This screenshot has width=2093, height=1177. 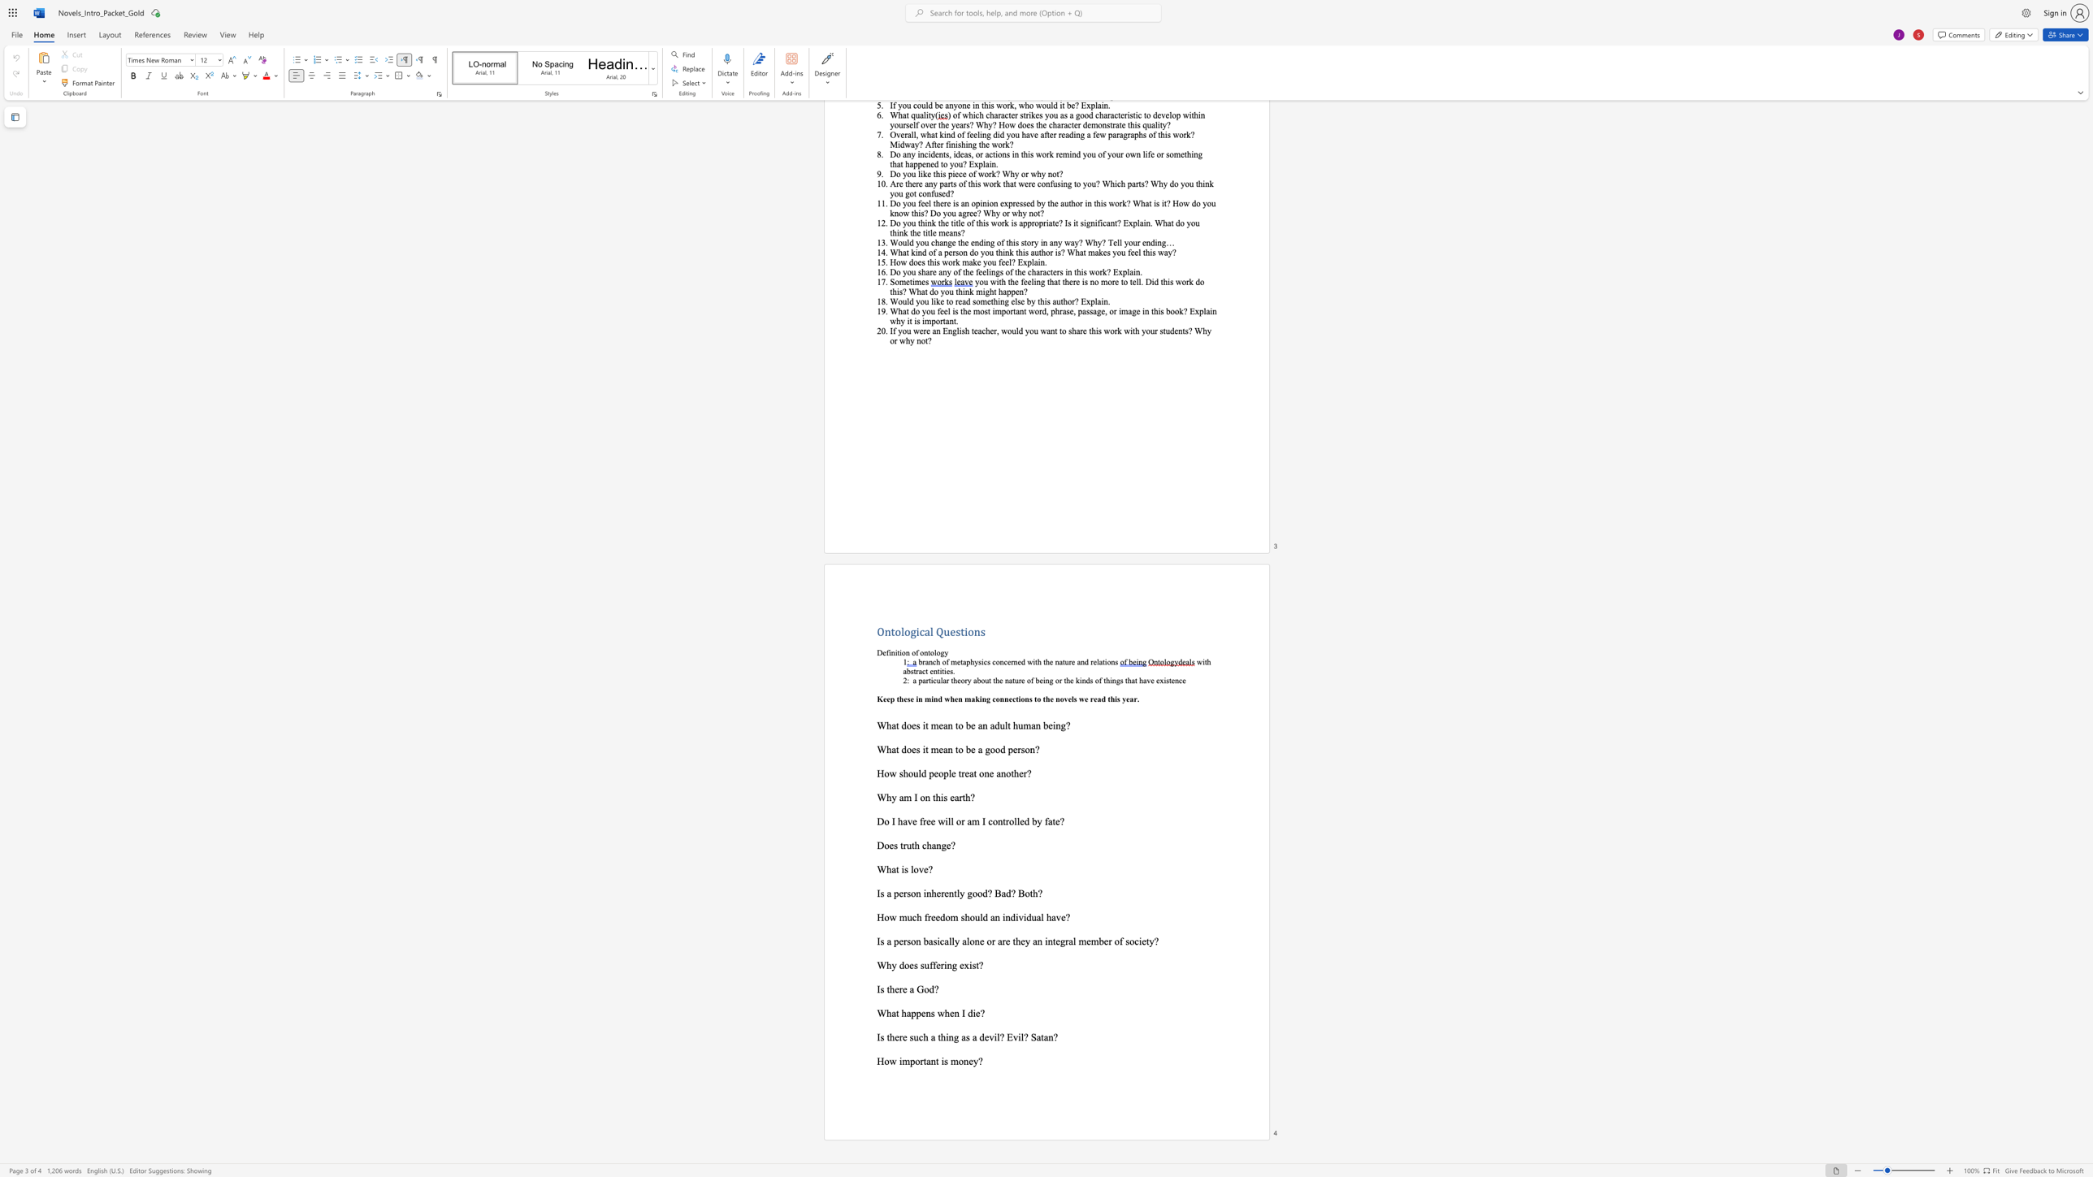 I want to click on the subset text "e in mind when making connec" within the text "Keep these in mind when making connections to the novels we read this year.", so click(x=910, y=698).